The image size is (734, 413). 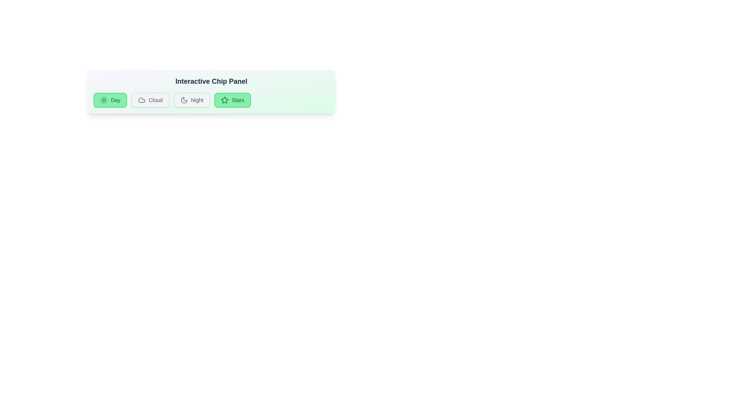 I want to click on the chip labeled Cloud, so click(x=150, y=100).